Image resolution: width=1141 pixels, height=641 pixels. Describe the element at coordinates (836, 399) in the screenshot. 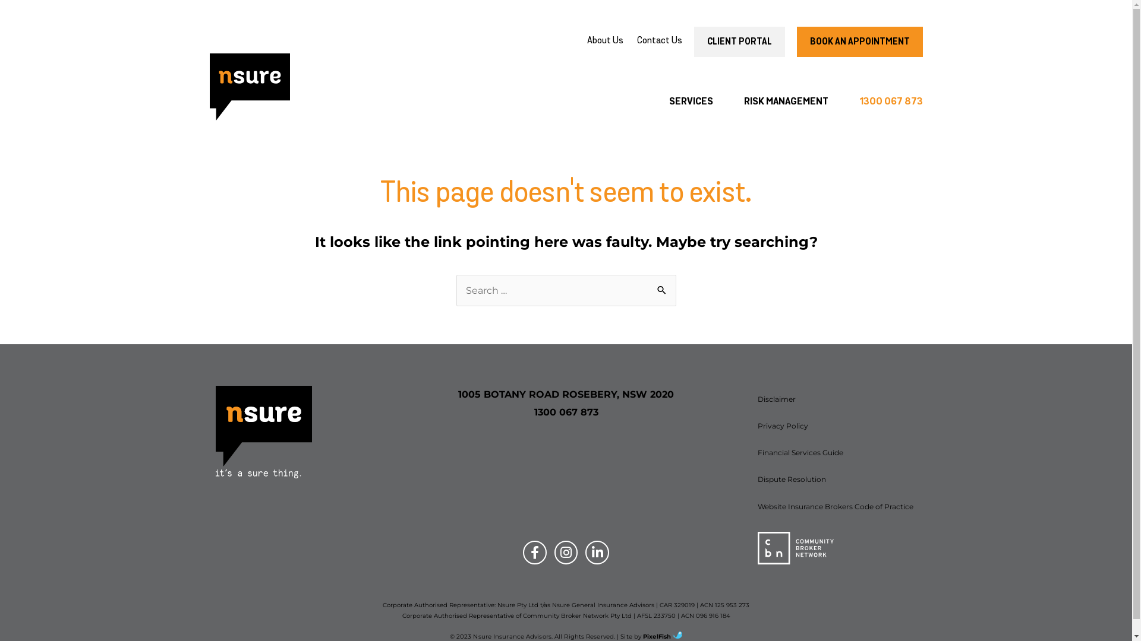

I see `'Disclaimer'` at that location.